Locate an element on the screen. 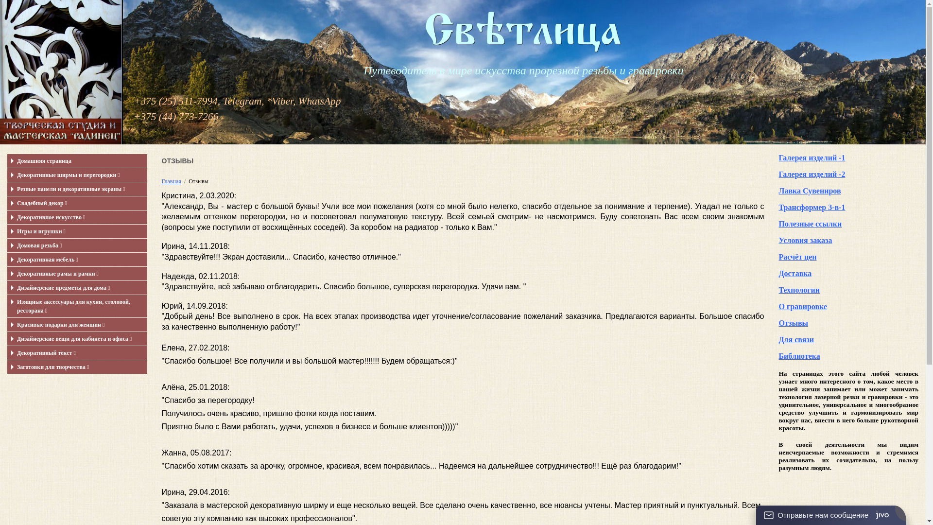 This screenshot has height=525, width=933. '+375 (25) 511-7994, Telegram,' is located at coordinates (198, 101).